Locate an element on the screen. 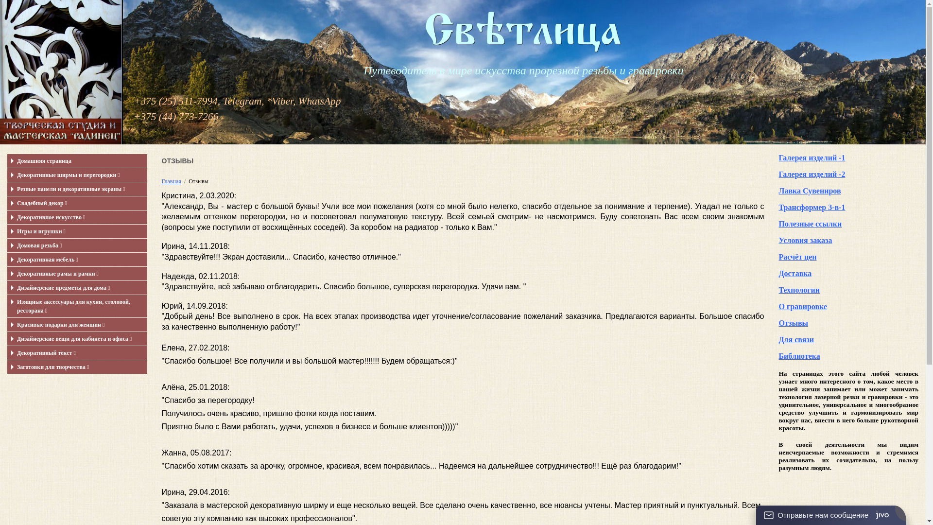 This screenshot has height=525, width=933. '+375 (25) 511-7994, Telegram,' is located at coordinates (198, 101).